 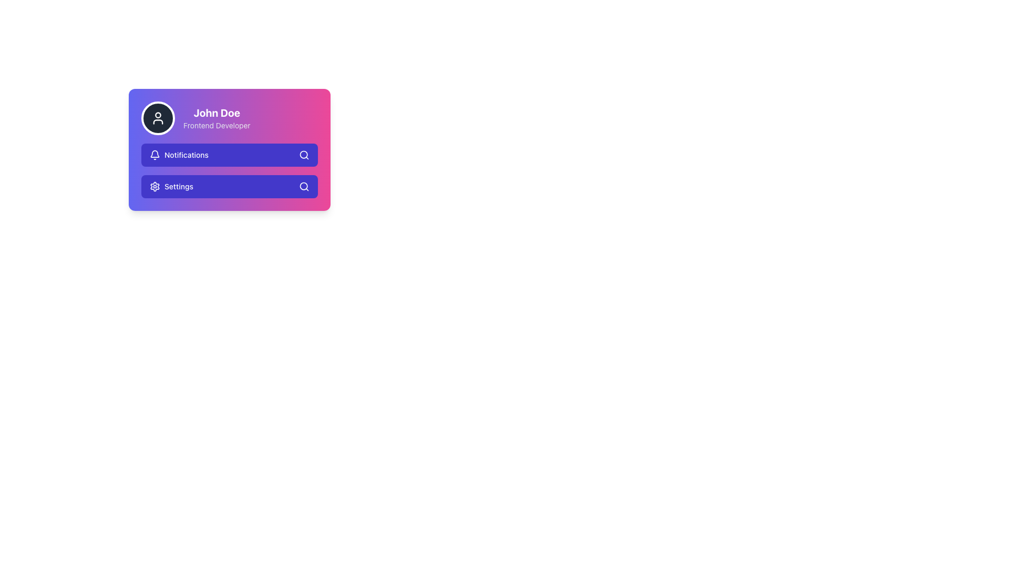 What do you see at coordinates (154, 155) in the screenshot?
I see `the bell-shaped notification icon located to the left of the 'Notifications' text within the sidebar menu` at bounding box center [154, 155].